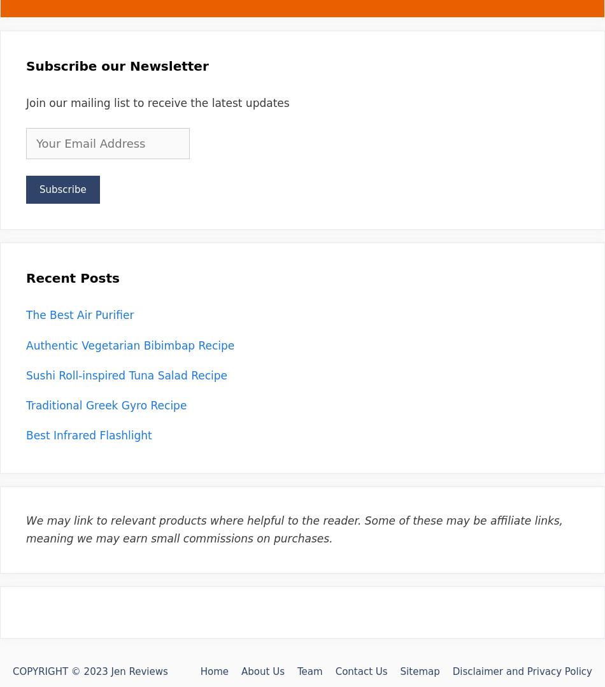 This screenshot has height=687, width=605. I want to click on 'Traditional Greek Gyro Recipe', so click(106, 404).